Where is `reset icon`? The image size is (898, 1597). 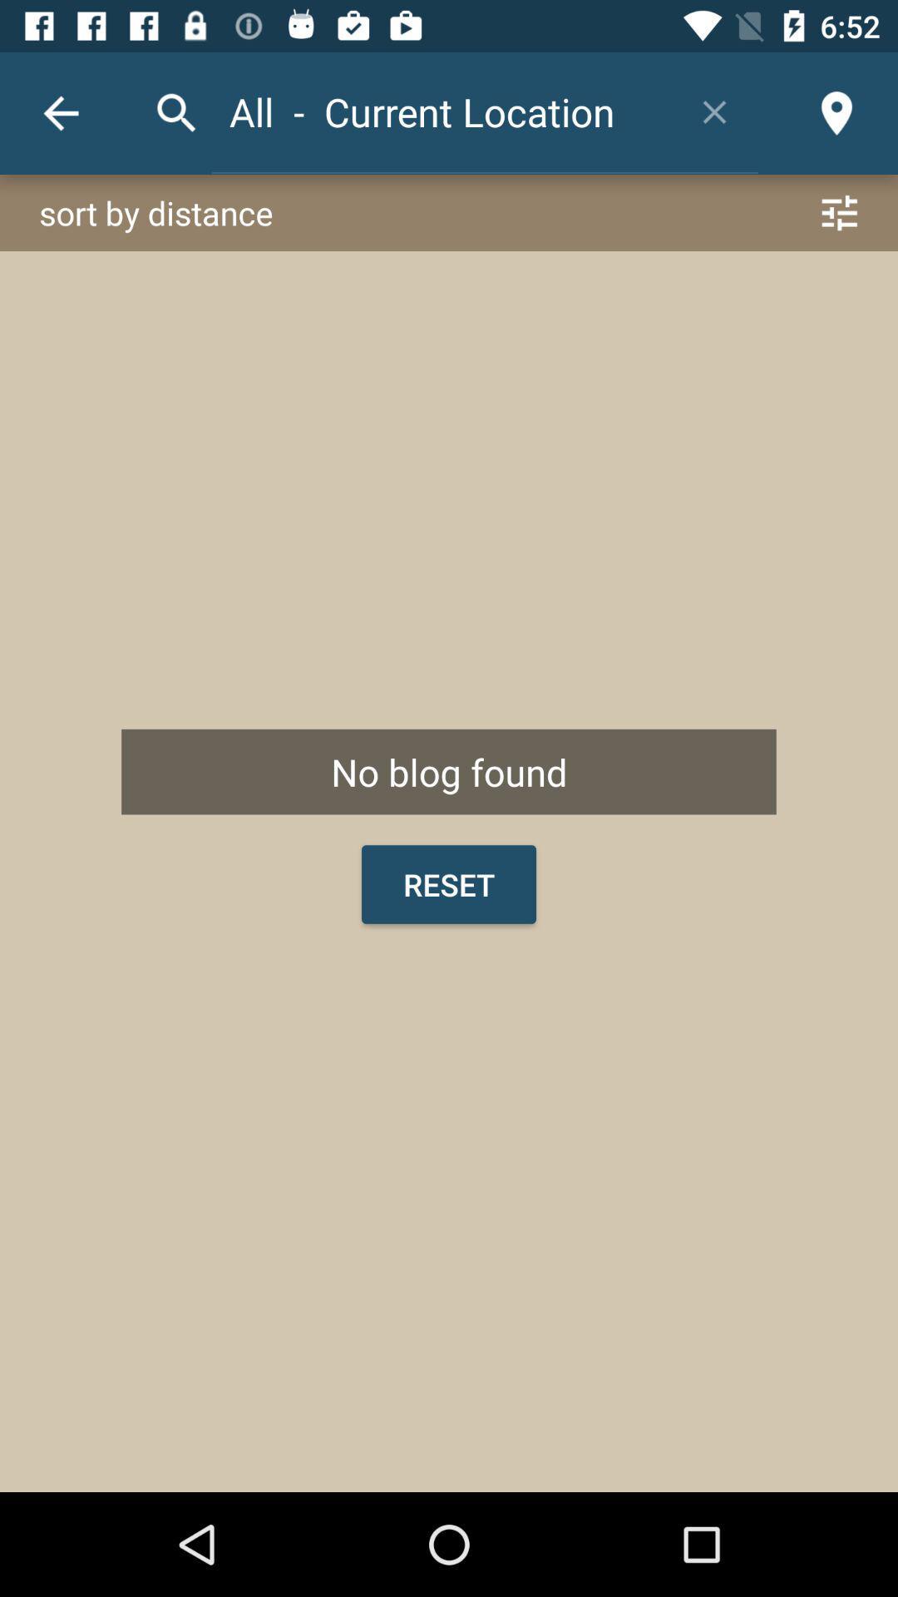 reset icon is located at coordinates (449, 883).